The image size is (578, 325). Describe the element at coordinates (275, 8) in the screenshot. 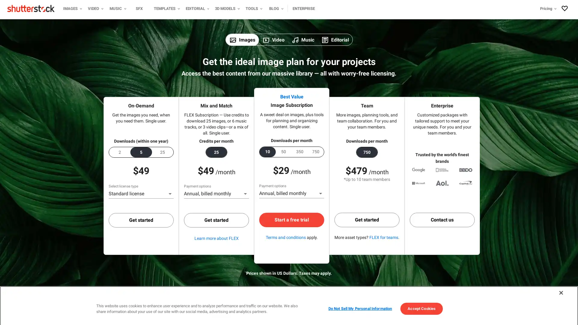

I see `Blog` at that location.